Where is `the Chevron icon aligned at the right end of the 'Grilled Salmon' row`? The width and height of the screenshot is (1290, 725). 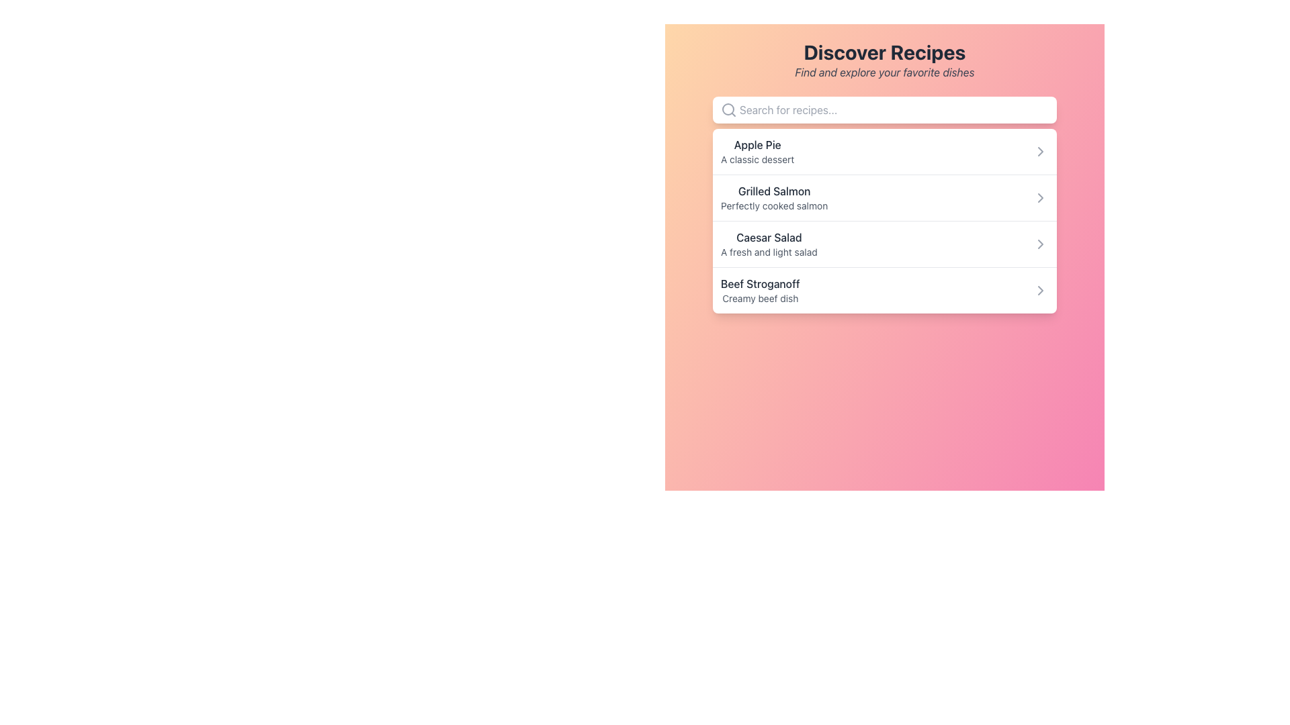
the Chevron icon aligned at the right end of the 'Grilled Salmon' row is located at coordinates (1040, 197).